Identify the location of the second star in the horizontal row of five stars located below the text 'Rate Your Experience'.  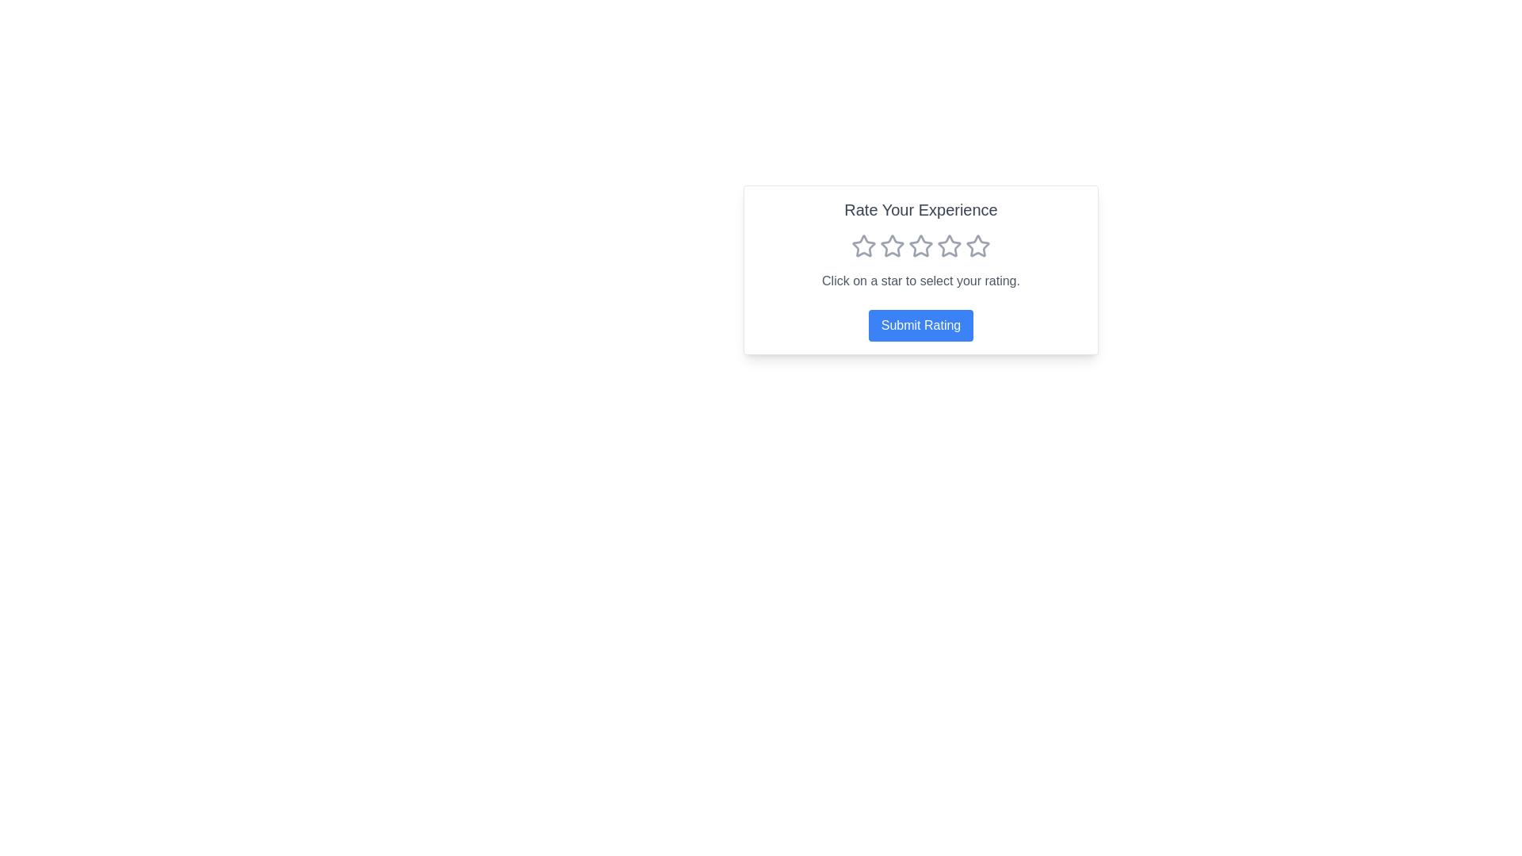
(893, 246).